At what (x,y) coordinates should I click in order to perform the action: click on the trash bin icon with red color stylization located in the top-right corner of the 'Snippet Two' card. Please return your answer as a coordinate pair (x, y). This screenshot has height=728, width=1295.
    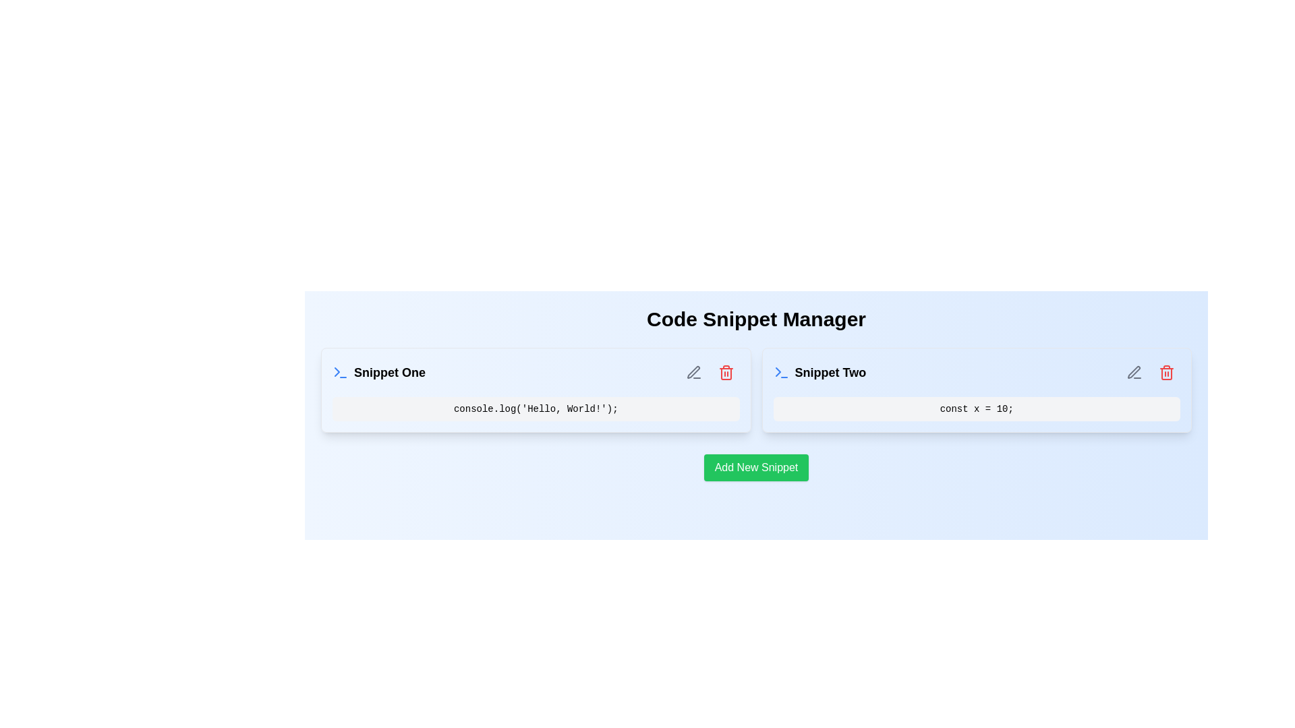
    Looking at the image, I should click on (1165, 372).